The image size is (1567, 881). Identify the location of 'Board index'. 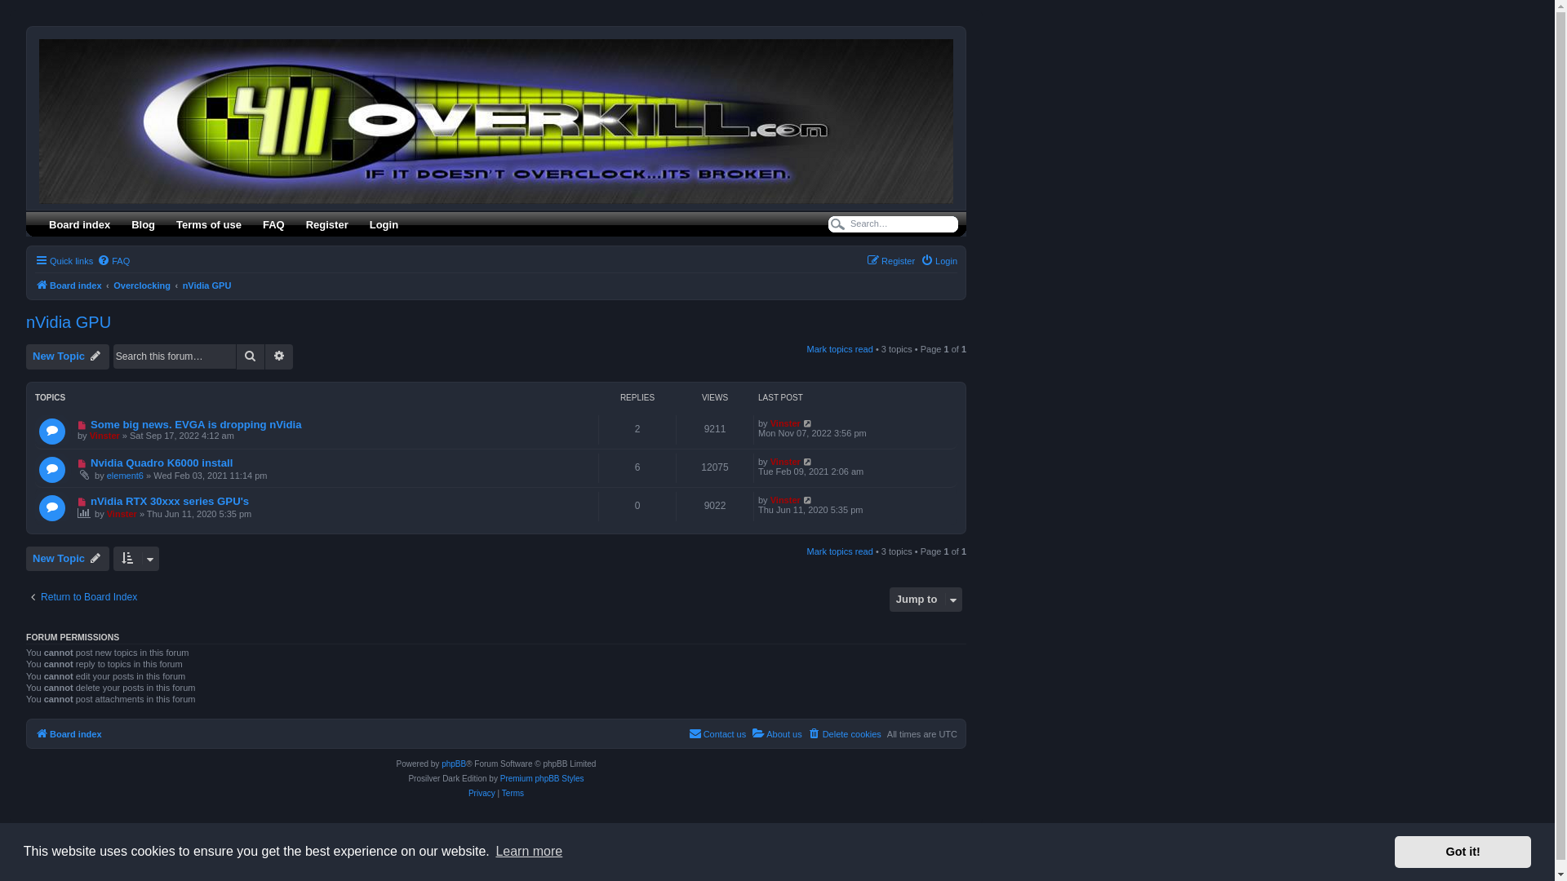
(78, 224).